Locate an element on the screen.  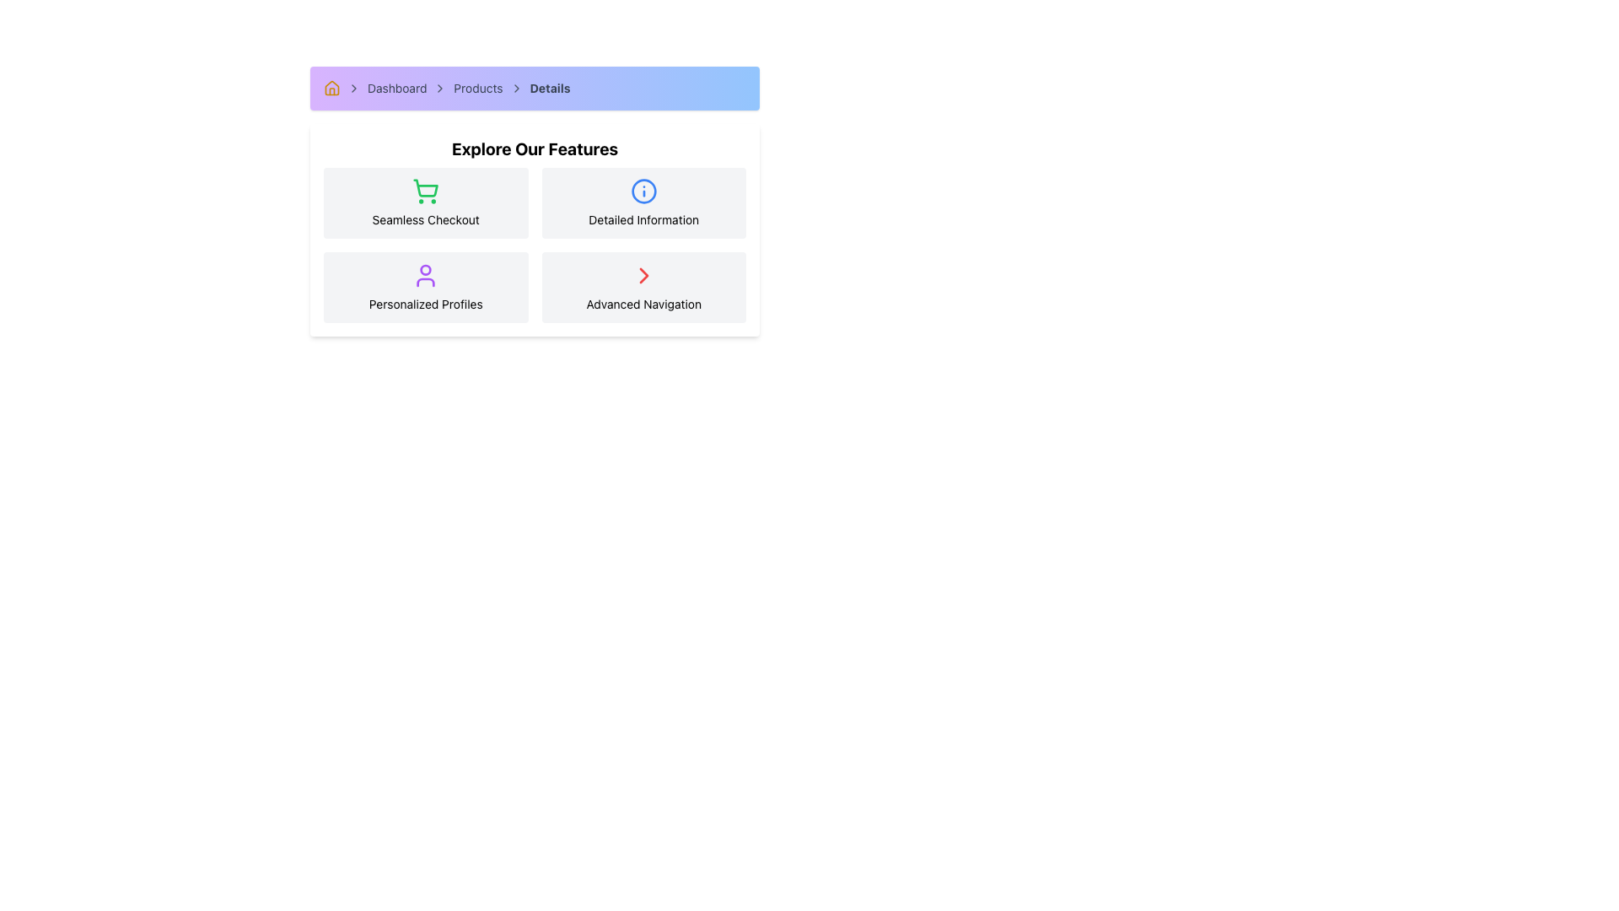
the green shopping cart icon located within the 'Seamless Checkout' feature card is located at coordinates (426, 191).